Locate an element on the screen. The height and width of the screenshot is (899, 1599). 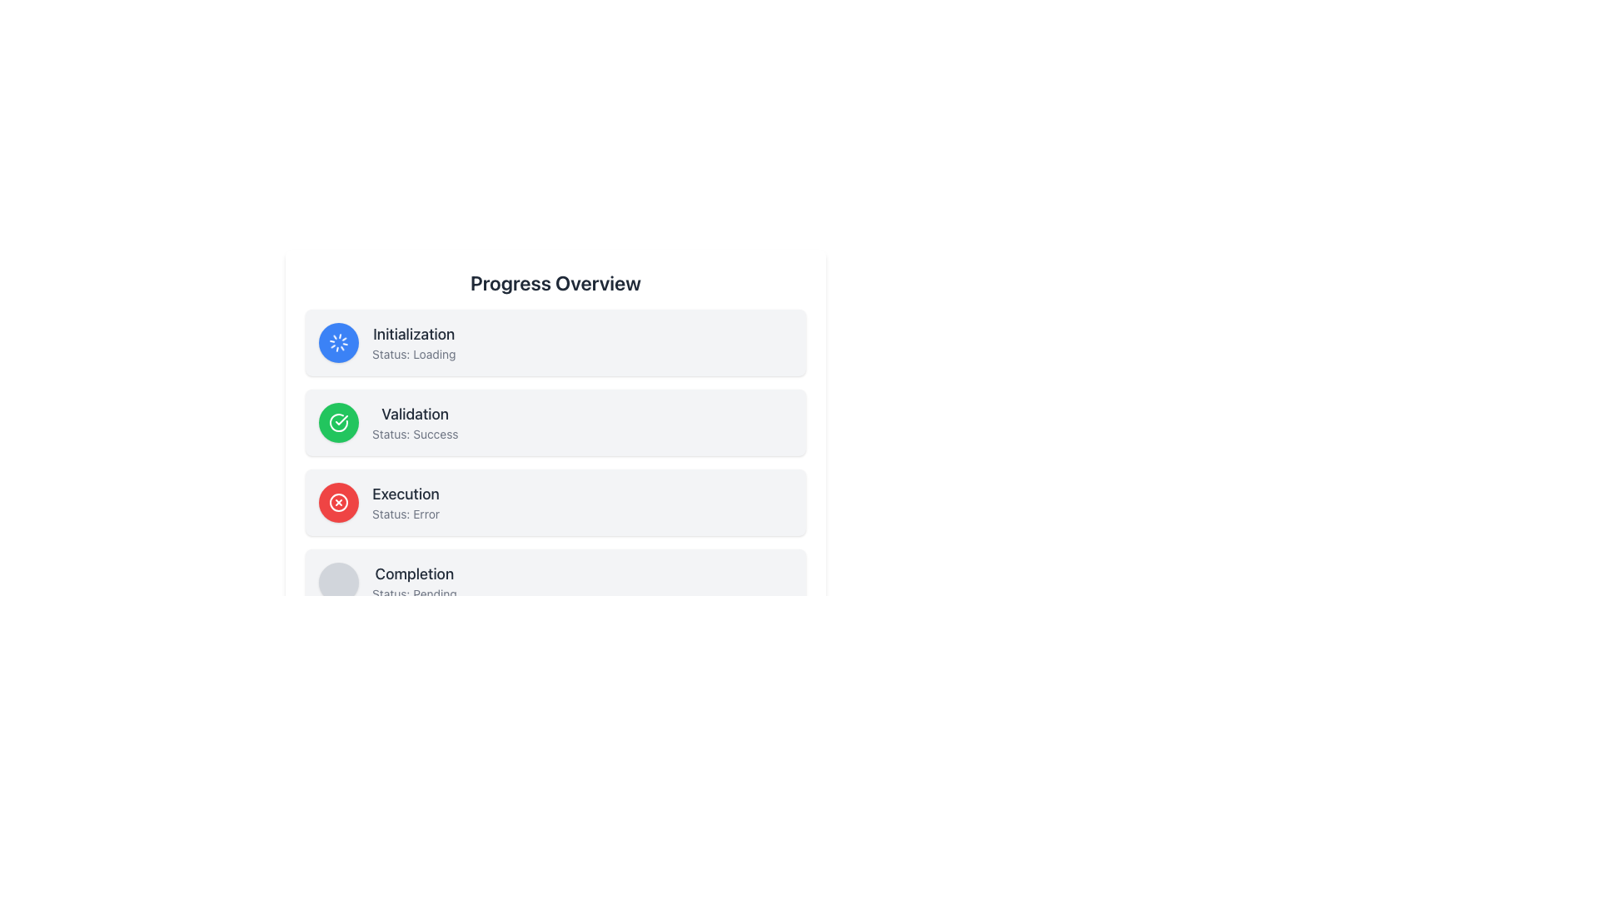
the informational card element displaying 'Completion' and 'Status: Pending', which is the fourth element in the 'Progress Overview' section is located at coordinates (555, 581).